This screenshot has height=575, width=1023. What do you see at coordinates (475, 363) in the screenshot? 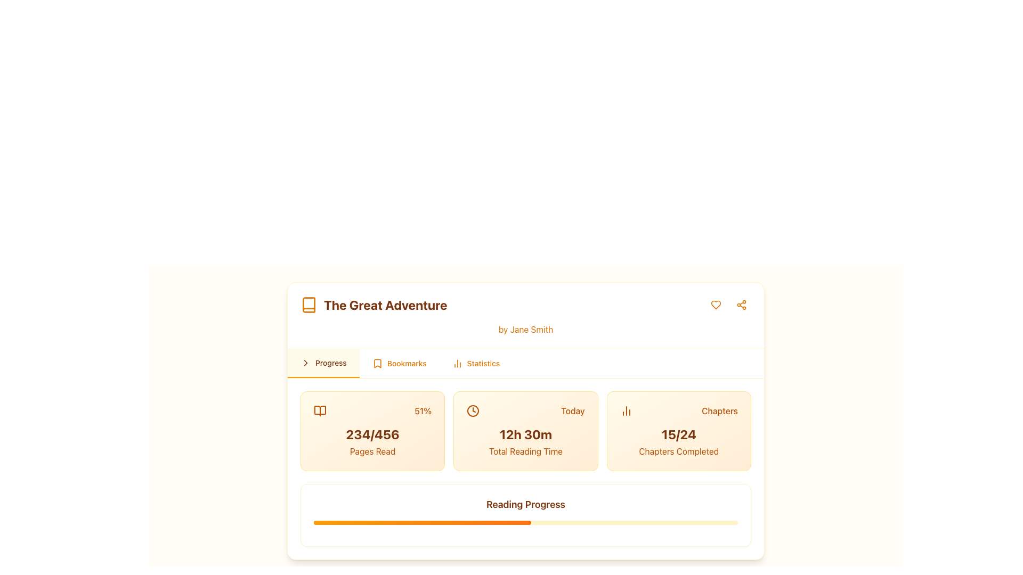
I see `the 'Statistics' button, which has orange text and a bar chart icon` at bounding box center [475, 363].